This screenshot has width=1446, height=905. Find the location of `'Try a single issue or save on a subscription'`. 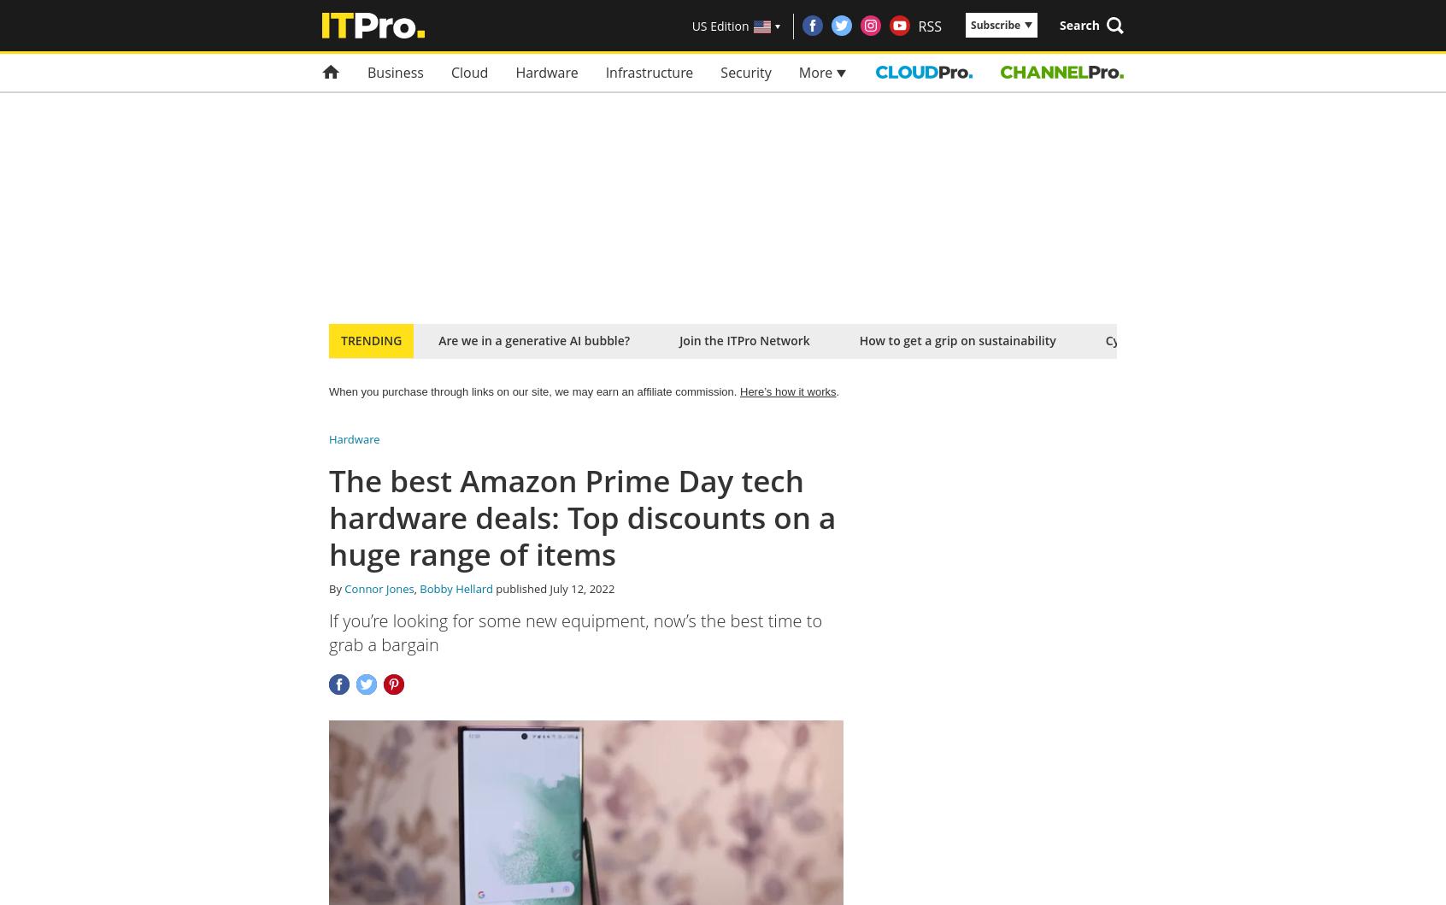

'Try a single issue or save on a subscription' is located at coordinates (698, 223).